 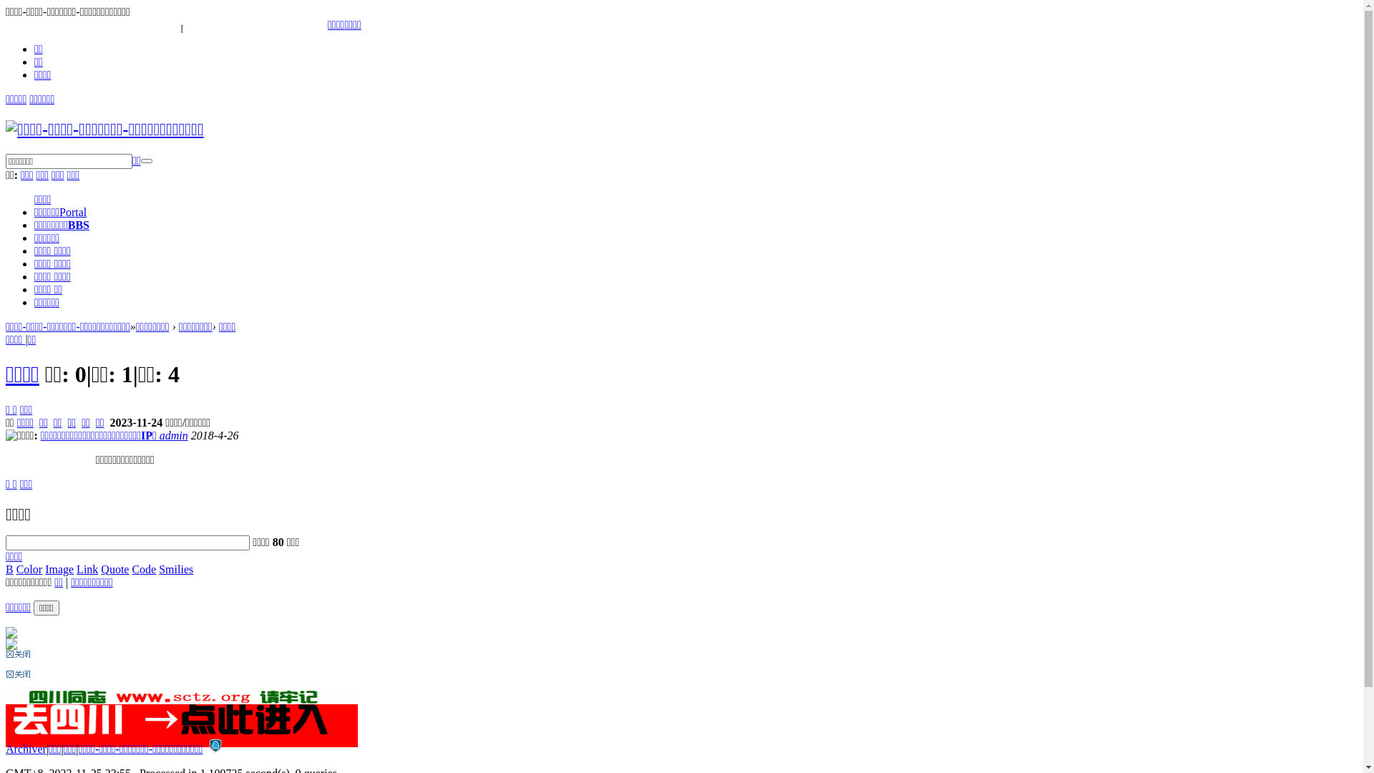 I want to click on 'Smilies', so click(x=175, y=568).